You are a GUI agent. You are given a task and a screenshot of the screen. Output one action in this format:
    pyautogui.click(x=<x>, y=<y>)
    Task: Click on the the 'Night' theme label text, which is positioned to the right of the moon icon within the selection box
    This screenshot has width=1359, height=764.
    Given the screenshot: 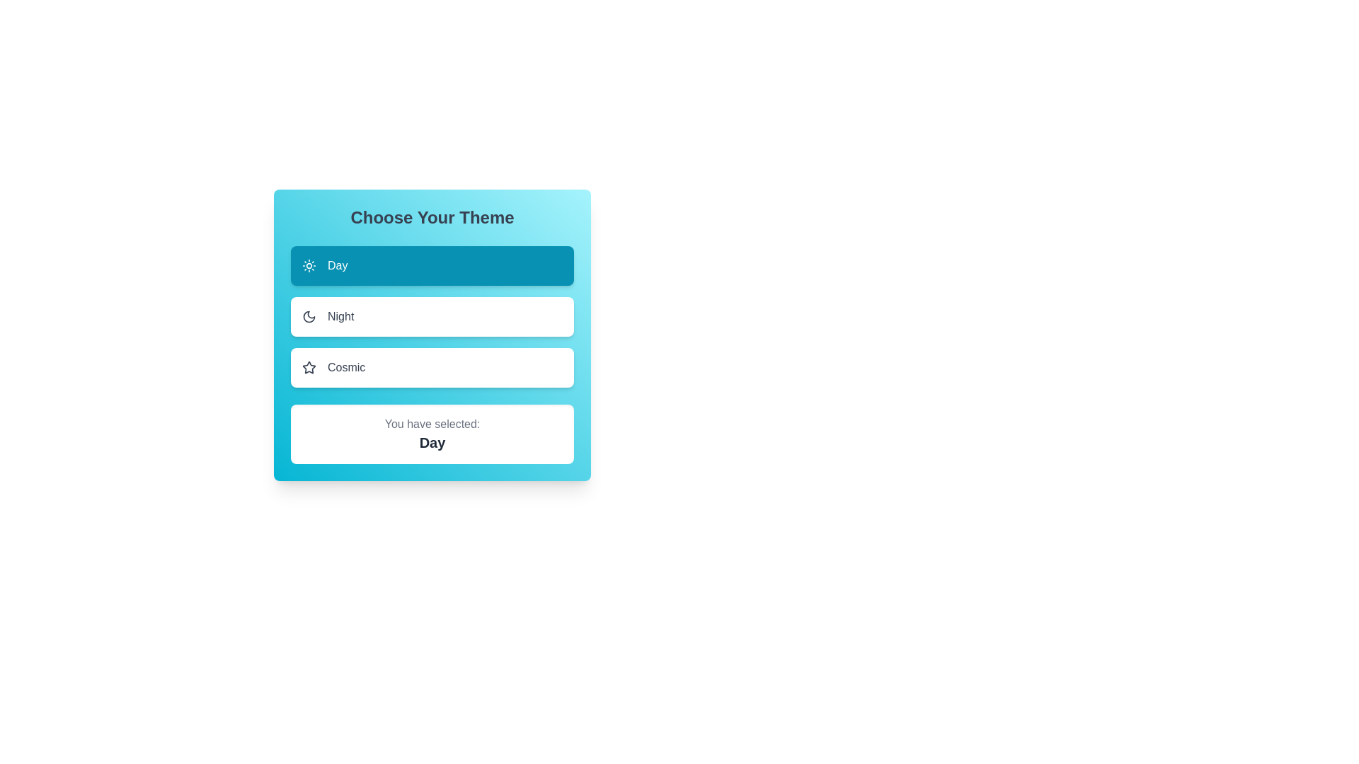 What is the action you would take?
    pyautogui.click(x=340, y=316)
    